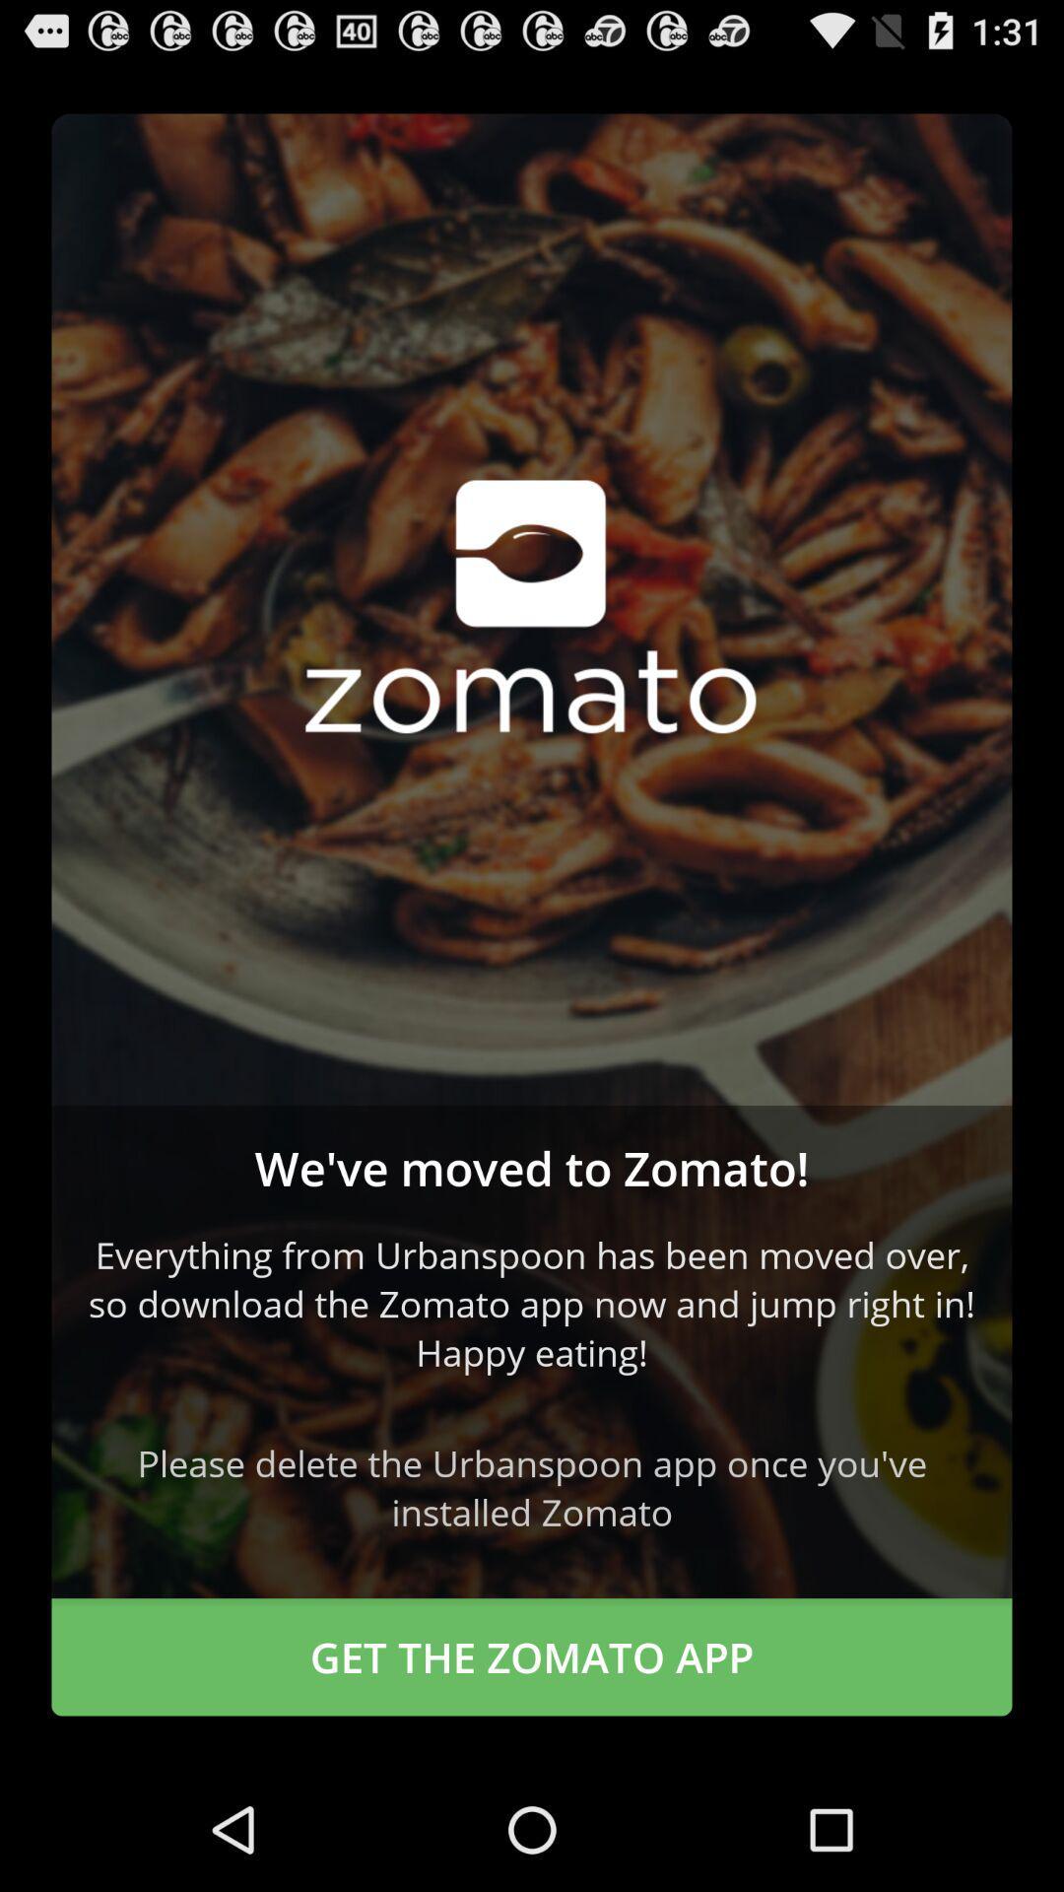 This screenshot has width=1064, height=1892. I want to click on direct to zomato in app store, so click(532, 608).